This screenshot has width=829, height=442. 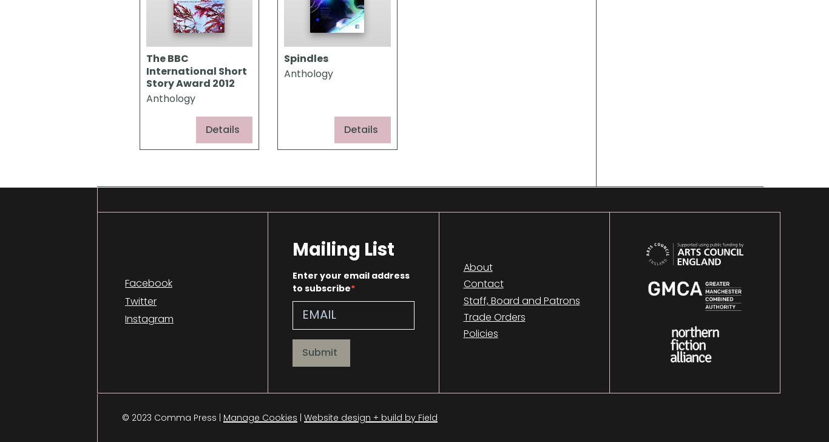 I want to click on 'Facebook', so click(x=124, y=282).